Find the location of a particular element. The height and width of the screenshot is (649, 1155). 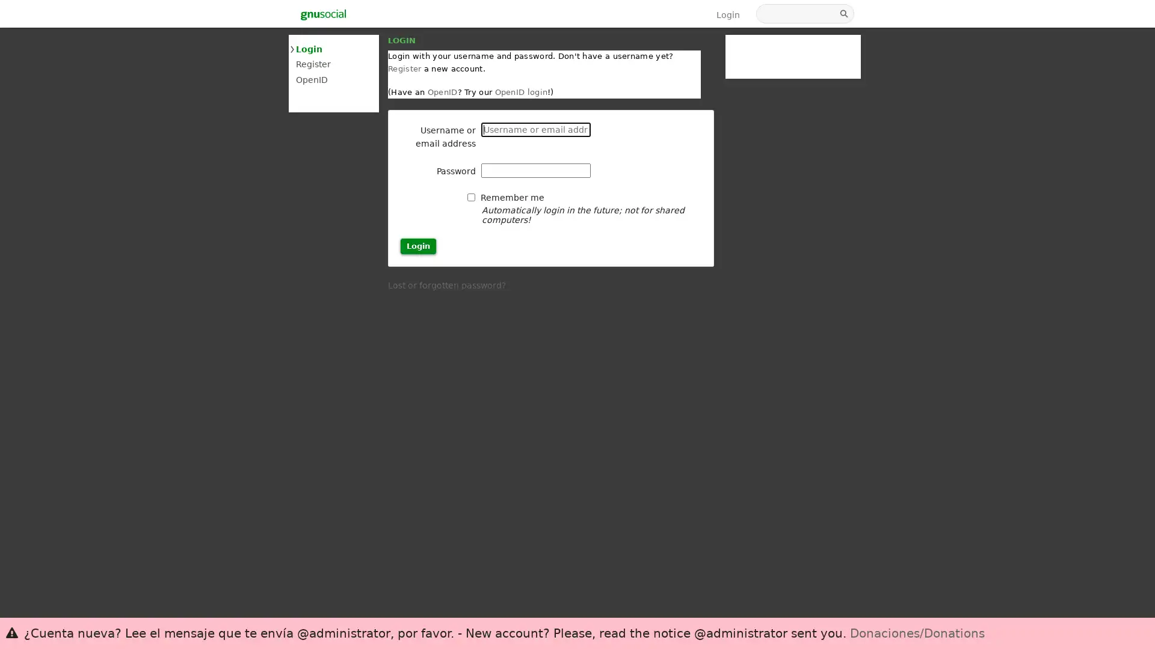

Login is located at coordinates (418, 245).